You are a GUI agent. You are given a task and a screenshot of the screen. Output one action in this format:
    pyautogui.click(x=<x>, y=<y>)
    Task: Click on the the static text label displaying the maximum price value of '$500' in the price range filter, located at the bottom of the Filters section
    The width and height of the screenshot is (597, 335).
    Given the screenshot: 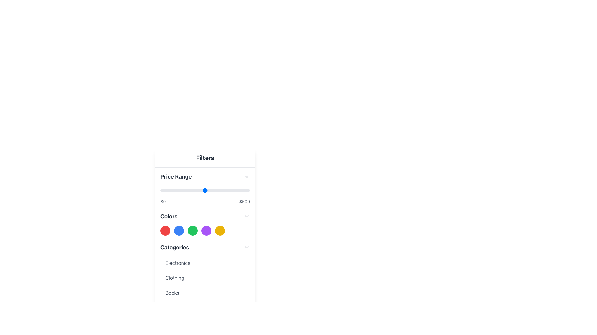 What is the action you would take?
    pyautogui.click(x=244, y=202)
    